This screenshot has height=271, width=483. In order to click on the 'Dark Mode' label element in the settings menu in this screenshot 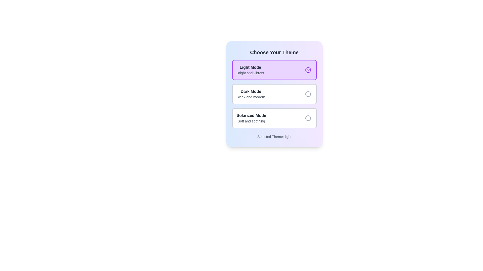, I will do `click(253, 94)`.